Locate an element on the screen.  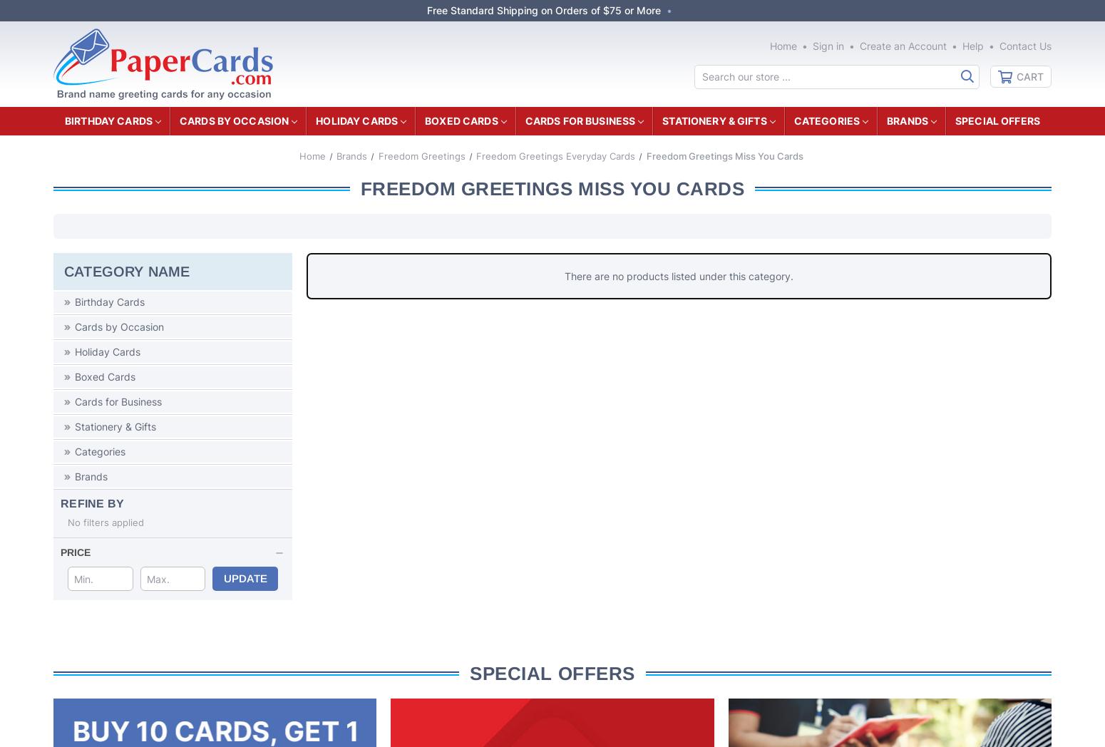
'Freedom Greetings Everyday Cards' is located at coordinates (555, 156).